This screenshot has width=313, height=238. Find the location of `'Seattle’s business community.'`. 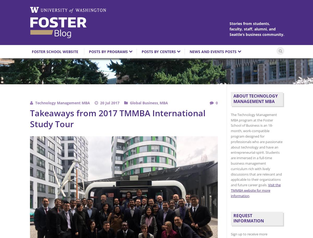

'Seattle’s business community.' is located at coordinates (257, 34).